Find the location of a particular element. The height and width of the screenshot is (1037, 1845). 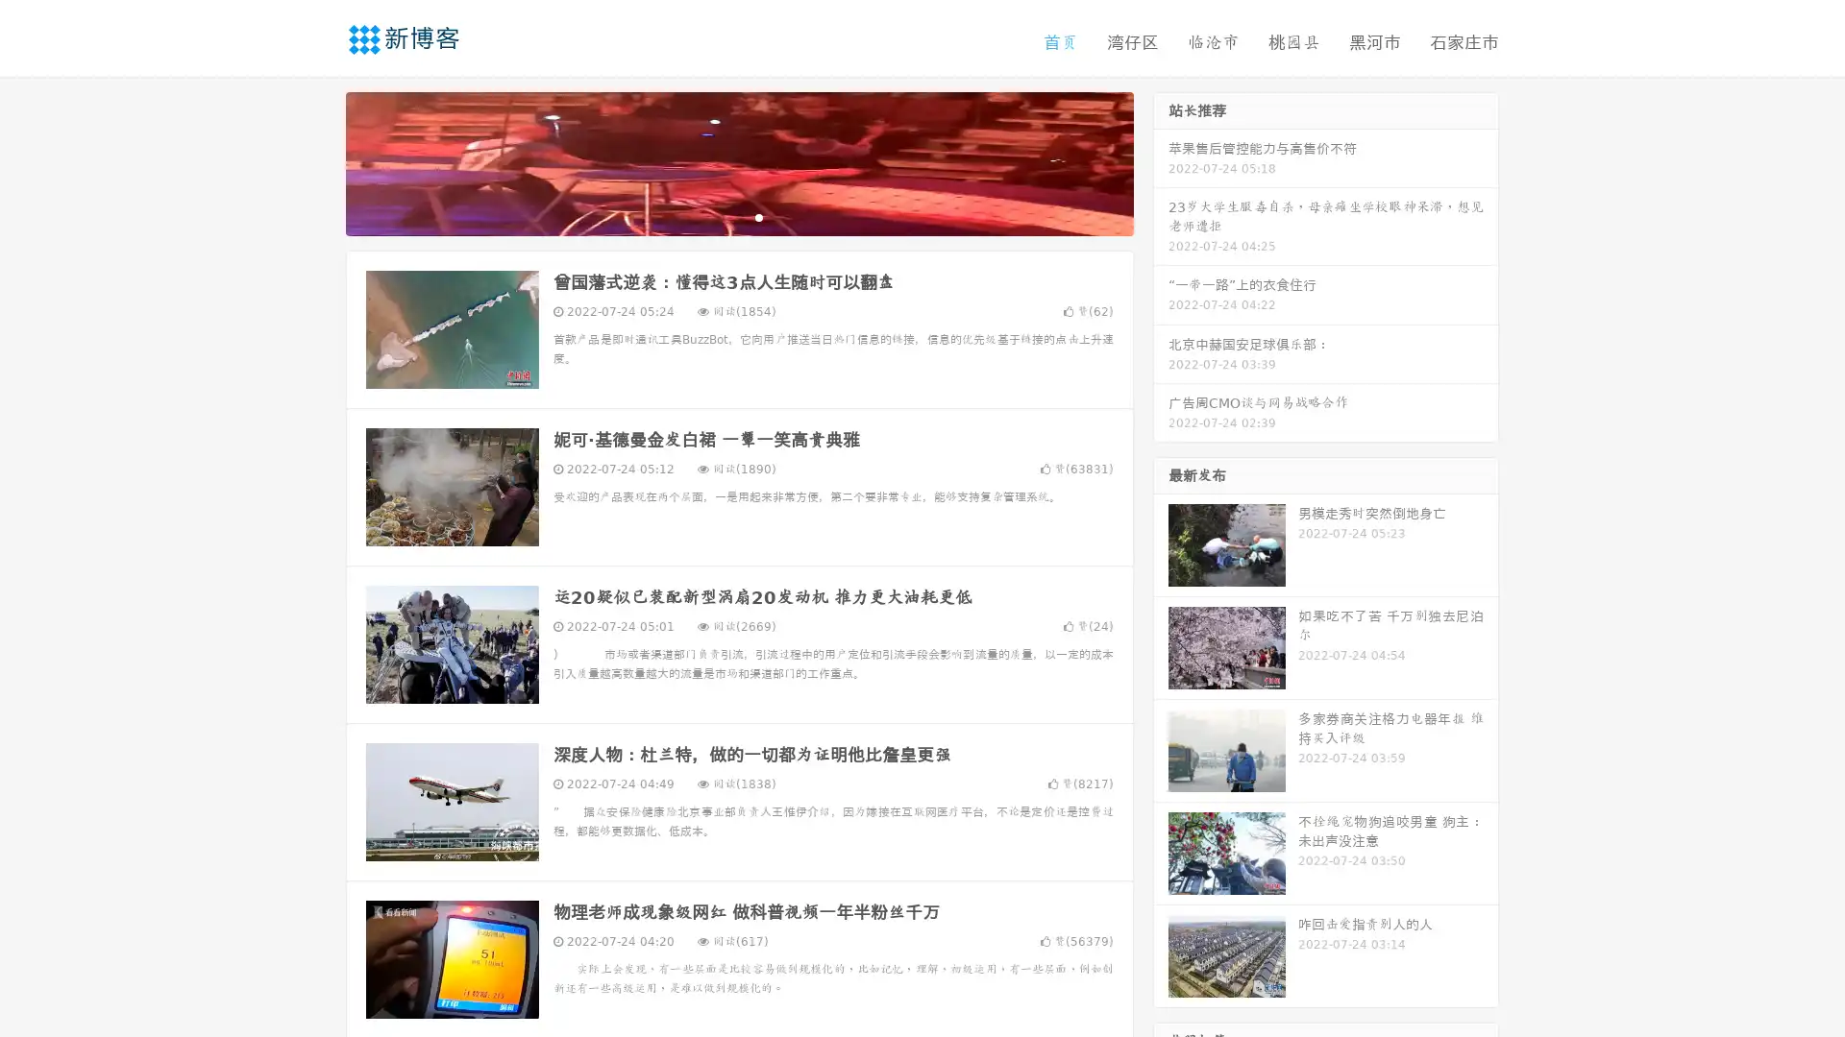

Go to slide 1 is located at coordinates (719, 216).